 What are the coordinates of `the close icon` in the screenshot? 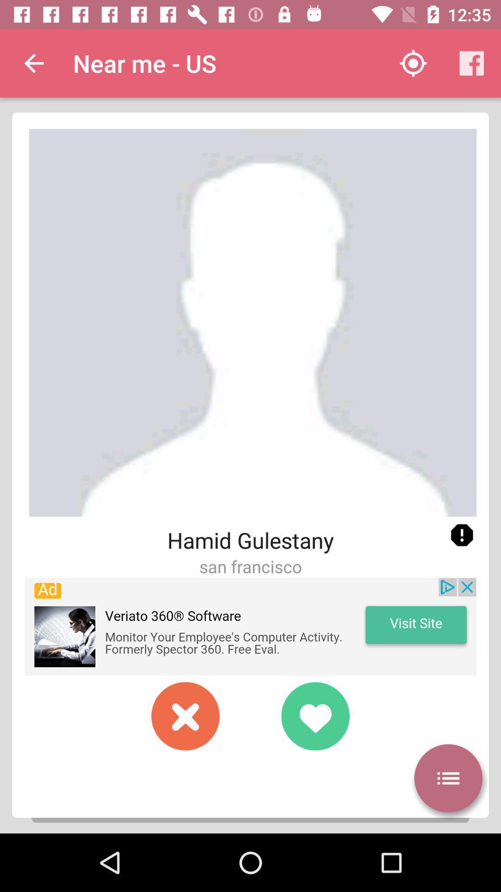 It's located at (186, 715).